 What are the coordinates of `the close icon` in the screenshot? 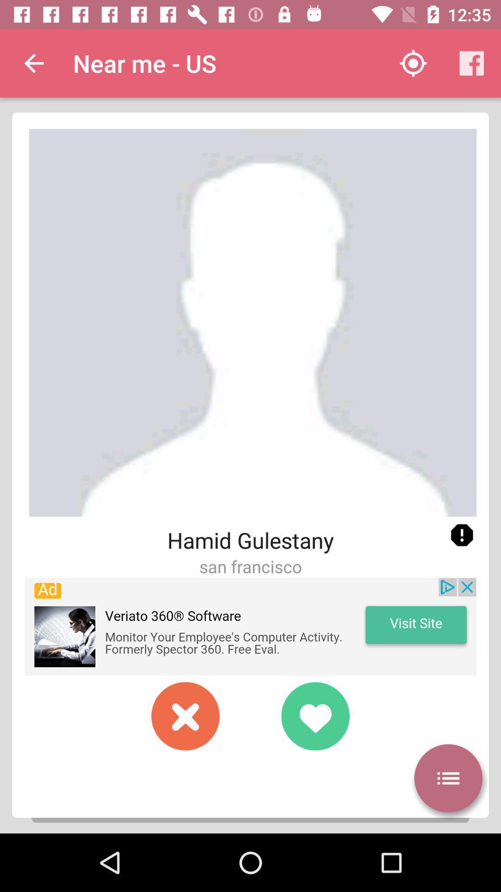 It's located at (186, 715).